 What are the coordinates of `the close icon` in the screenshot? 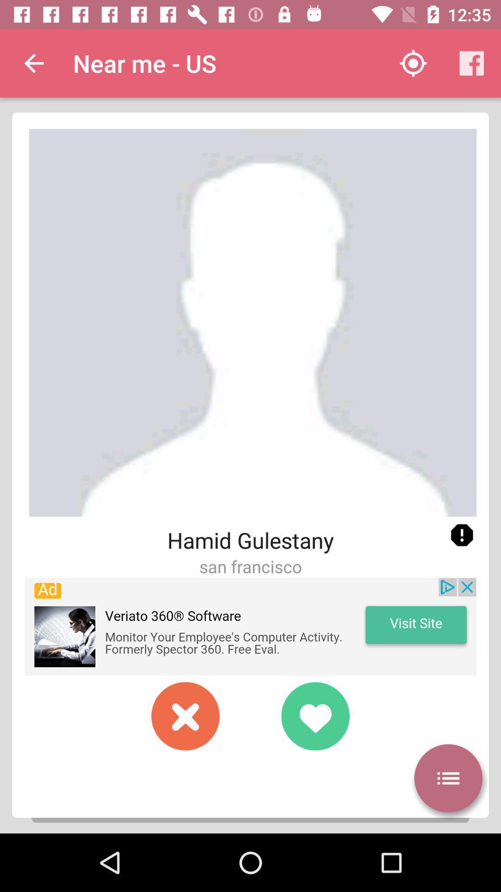 It's located at (186, 715).